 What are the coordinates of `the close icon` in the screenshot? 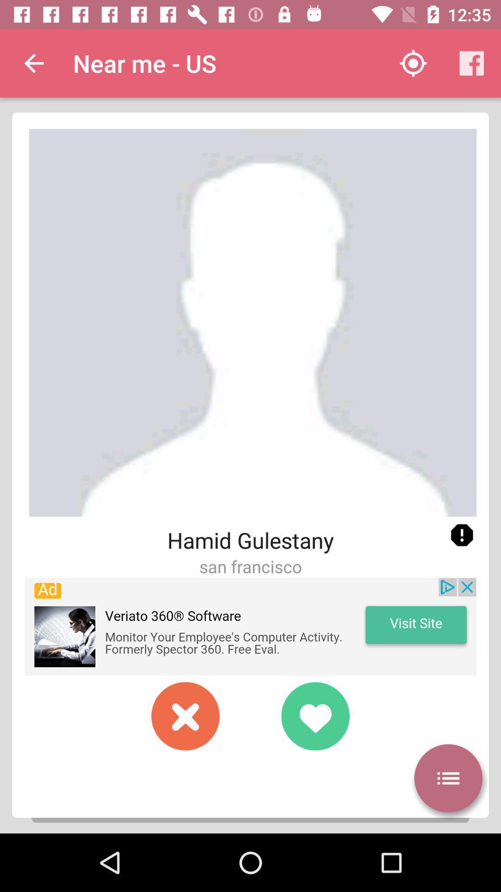 It's located at (186, 715).